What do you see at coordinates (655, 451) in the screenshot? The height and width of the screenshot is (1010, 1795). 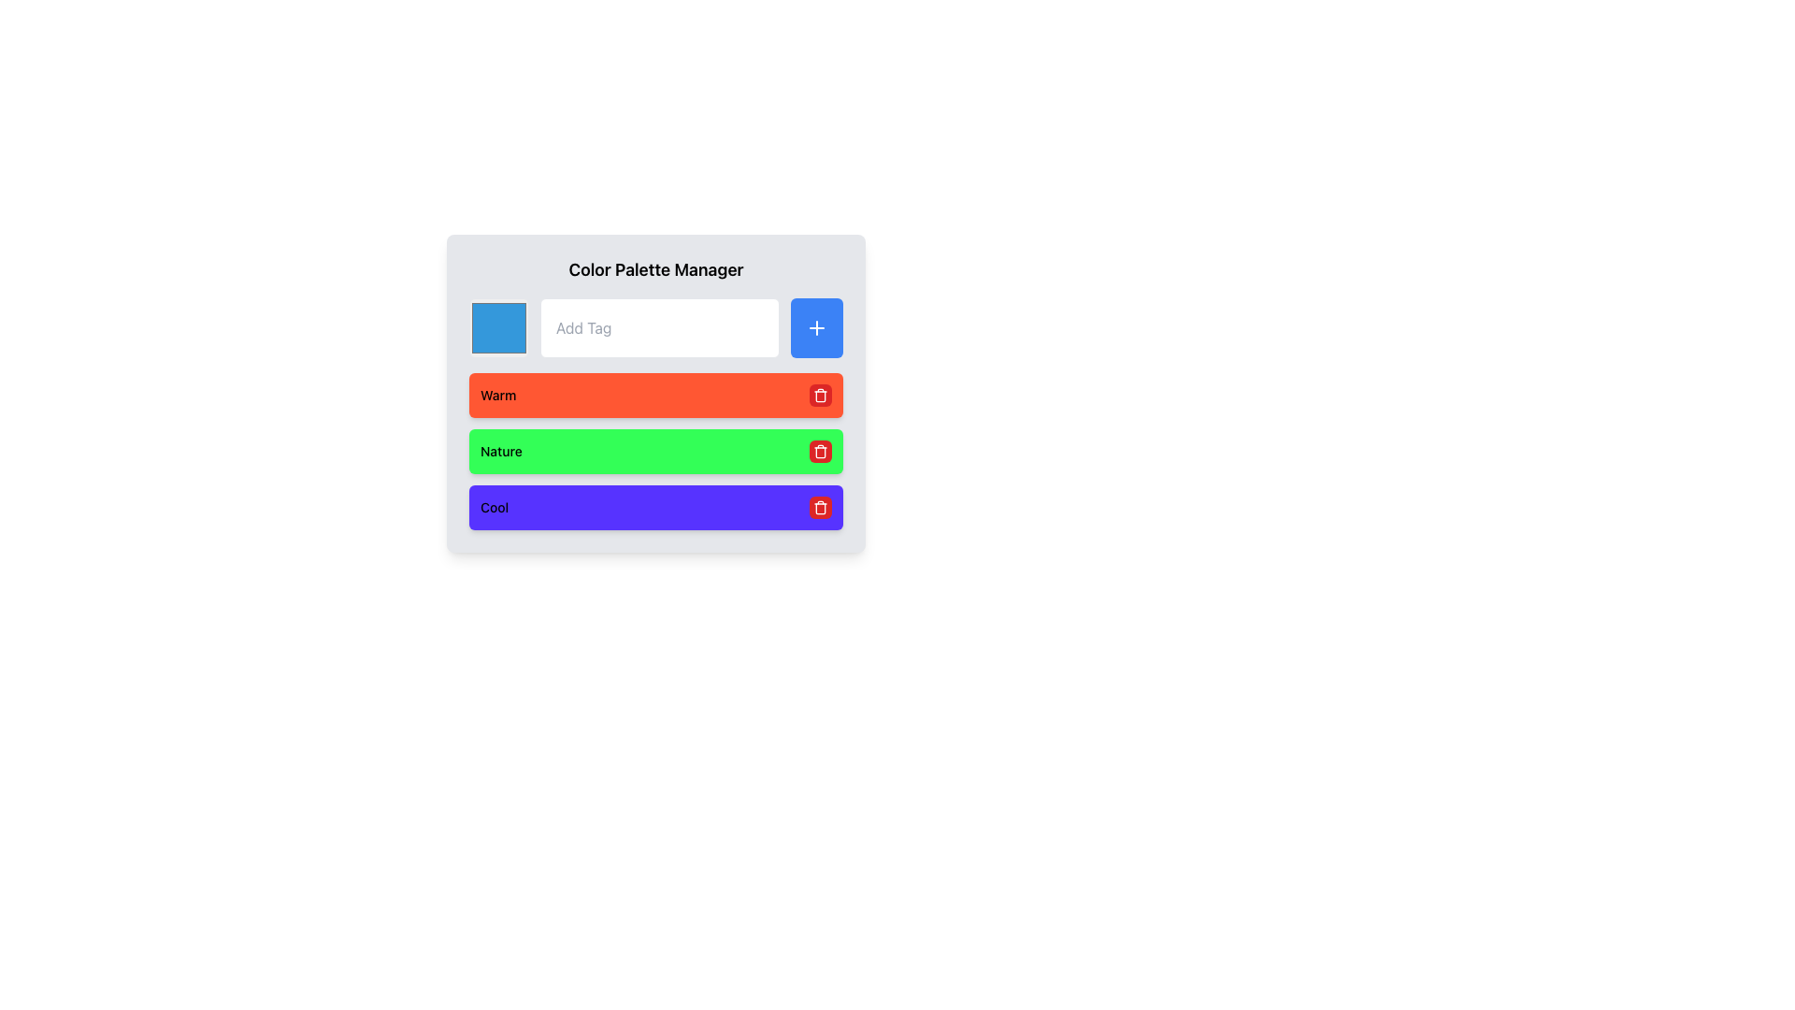 I see `the second list item with a green background and a red trash icon button, which contains the text label 'Nature'` at bounding box center [655, 451].